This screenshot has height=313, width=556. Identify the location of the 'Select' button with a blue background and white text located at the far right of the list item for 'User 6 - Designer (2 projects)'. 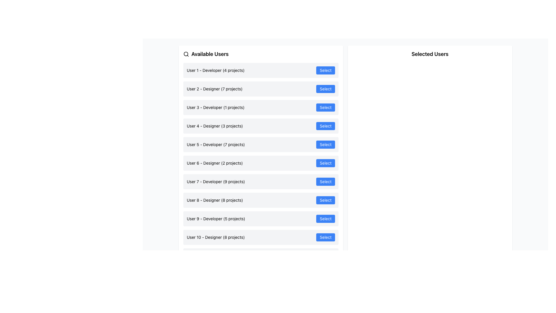
(325, 163).